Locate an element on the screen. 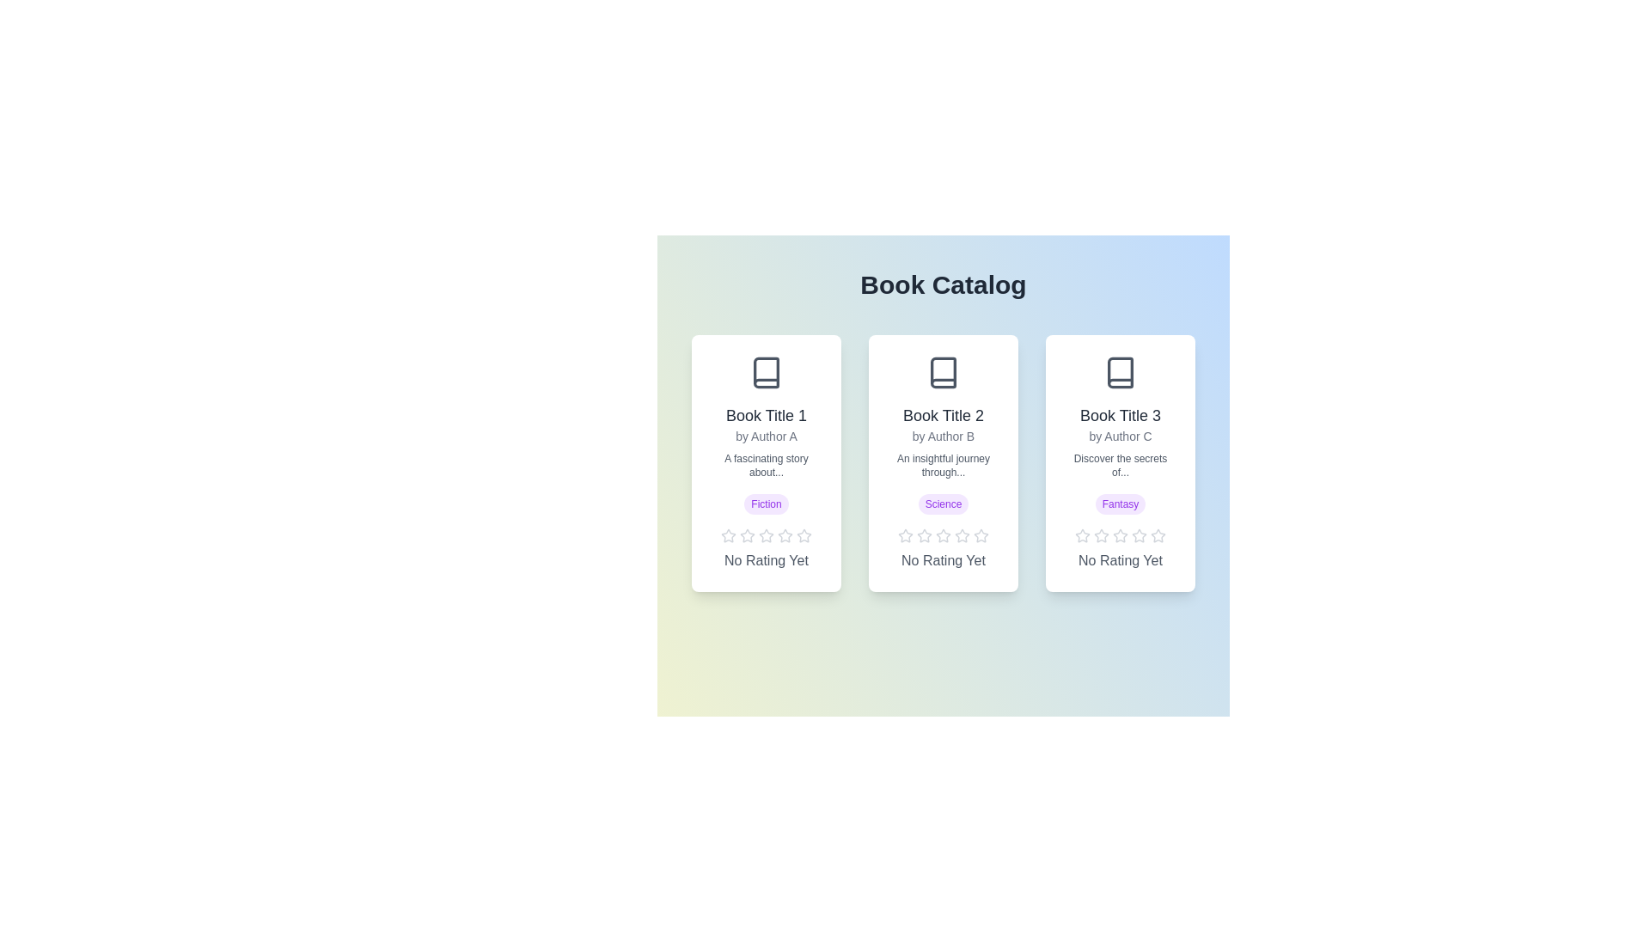 The width and height of the screenshot is (1650, 928). the genre tag Science to interact with it is located at coordinates (943, 503).